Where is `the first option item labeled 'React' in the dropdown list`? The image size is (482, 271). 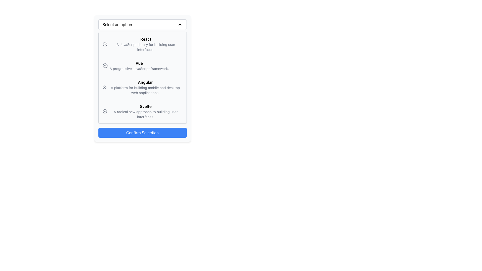
the first option item labeled 'React' in the dropdown list is located at coordinates (142, 44).